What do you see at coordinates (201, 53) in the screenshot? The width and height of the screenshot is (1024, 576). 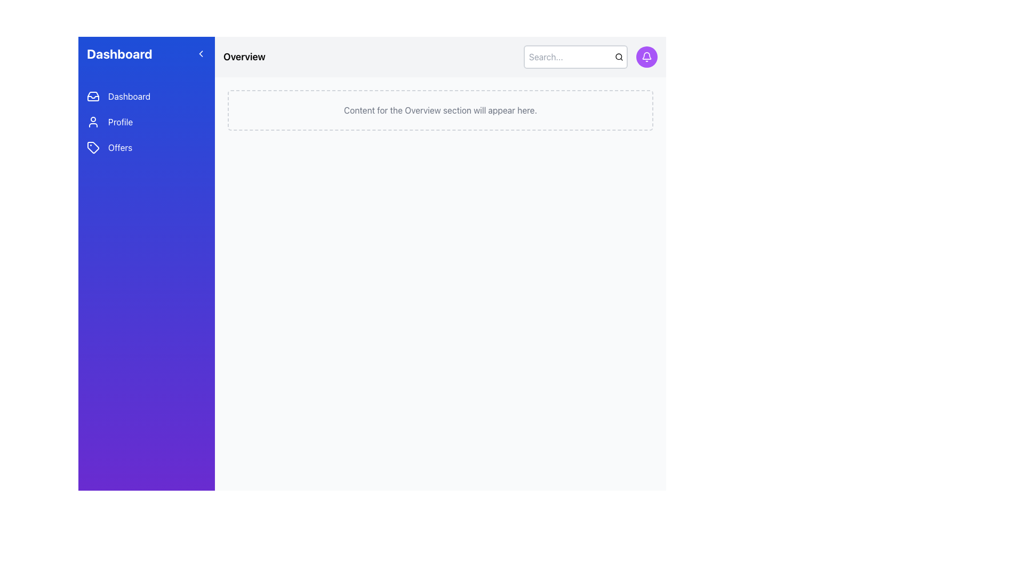 I see `the sidebar collapse button located in the top-right corner, adjacent to the 'Dashboard' label` at bounding box center [201, 53].